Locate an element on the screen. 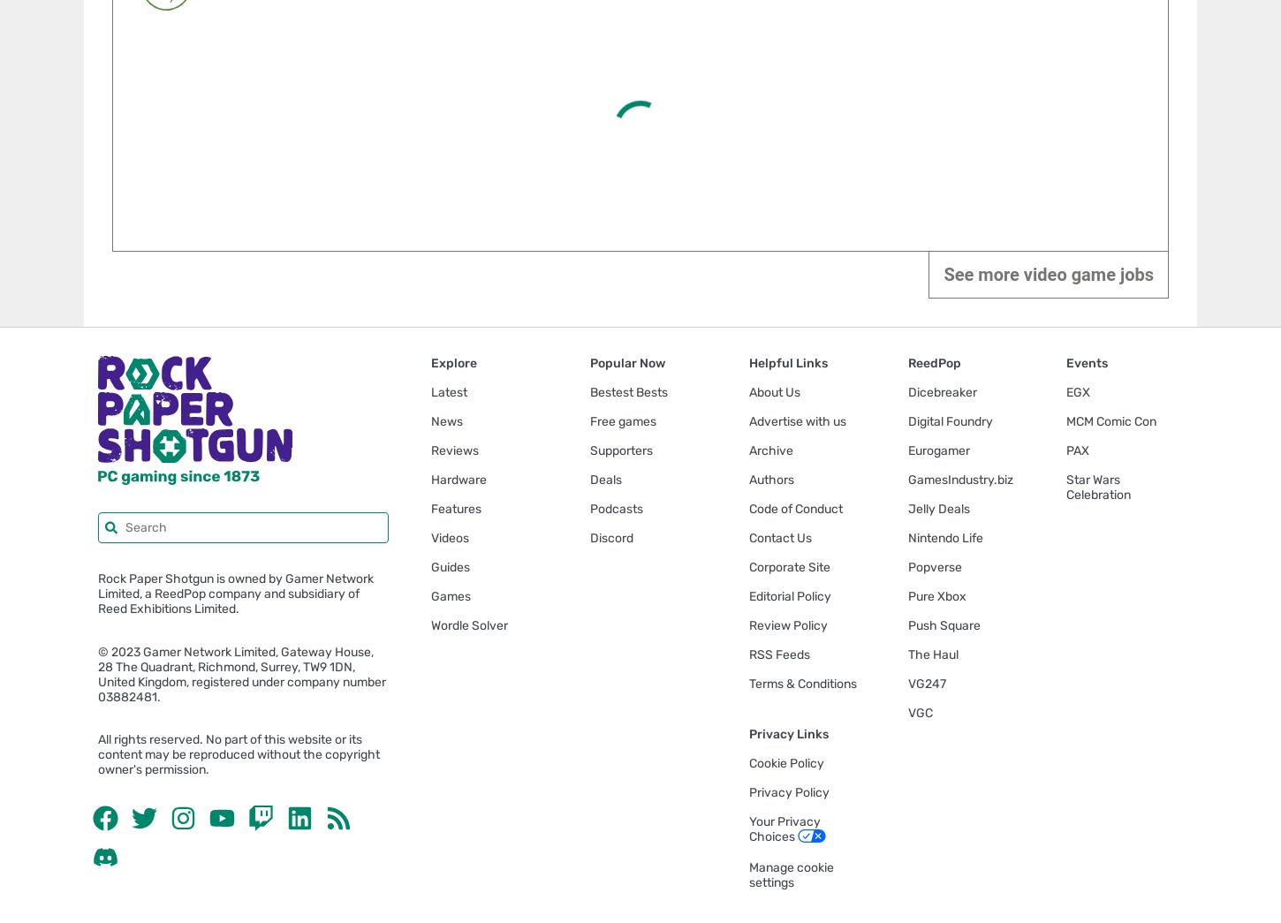 This screenshot has width=1281, height=923. 'Eurogamer' is located at coordinates (937, 449).